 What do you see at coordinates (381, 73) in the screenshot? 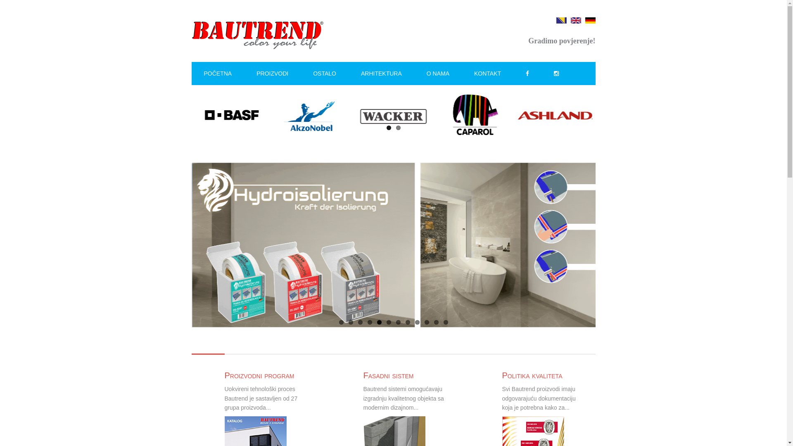
I see `'ARHITEKTURA'` at bounding box center [381, 73].